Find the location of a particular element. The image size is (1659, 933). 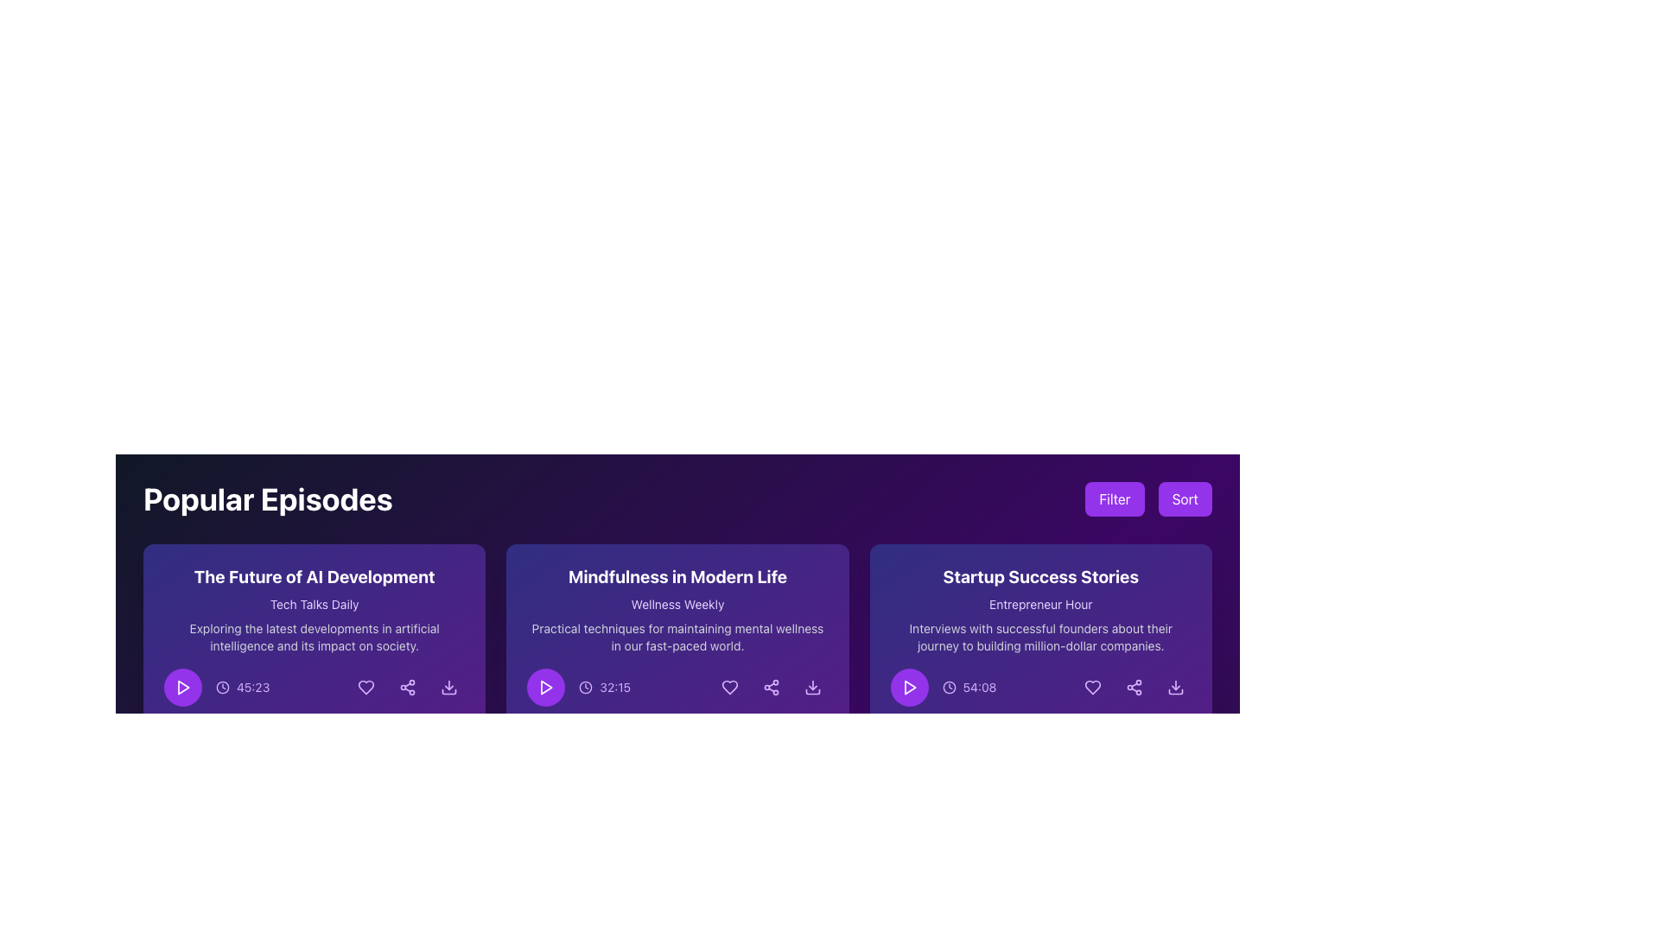

the download icon button located at the bottom-right corner of the 'Startup Success Stories' card to initiate the download action is located at coordinates (1175, 686).